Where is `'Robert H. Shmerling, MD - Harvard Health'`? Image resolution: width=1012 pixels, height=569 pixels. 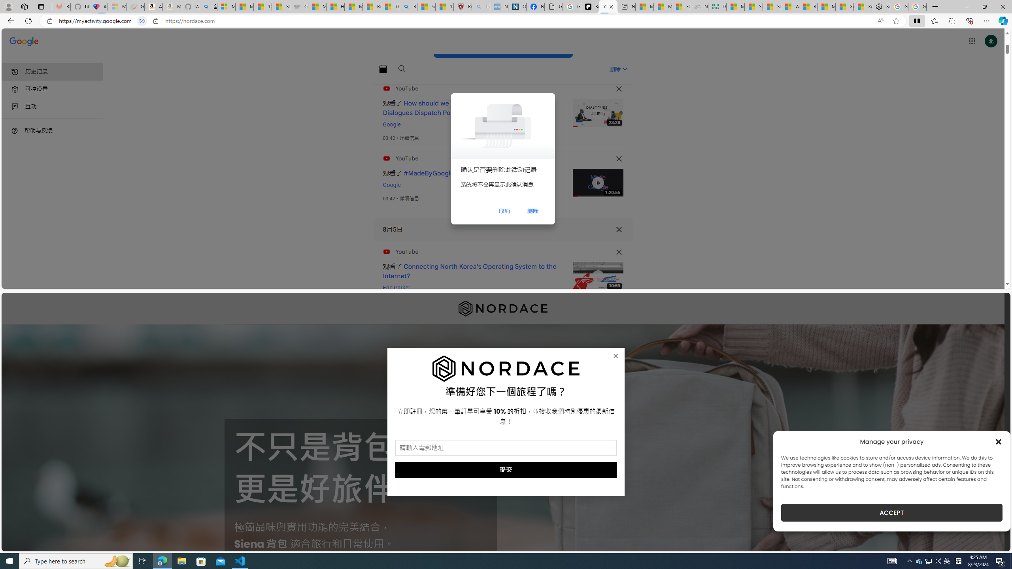
'Robert H. Shmerling, MD - Harvard Health' is located at coordinates (463, 6).